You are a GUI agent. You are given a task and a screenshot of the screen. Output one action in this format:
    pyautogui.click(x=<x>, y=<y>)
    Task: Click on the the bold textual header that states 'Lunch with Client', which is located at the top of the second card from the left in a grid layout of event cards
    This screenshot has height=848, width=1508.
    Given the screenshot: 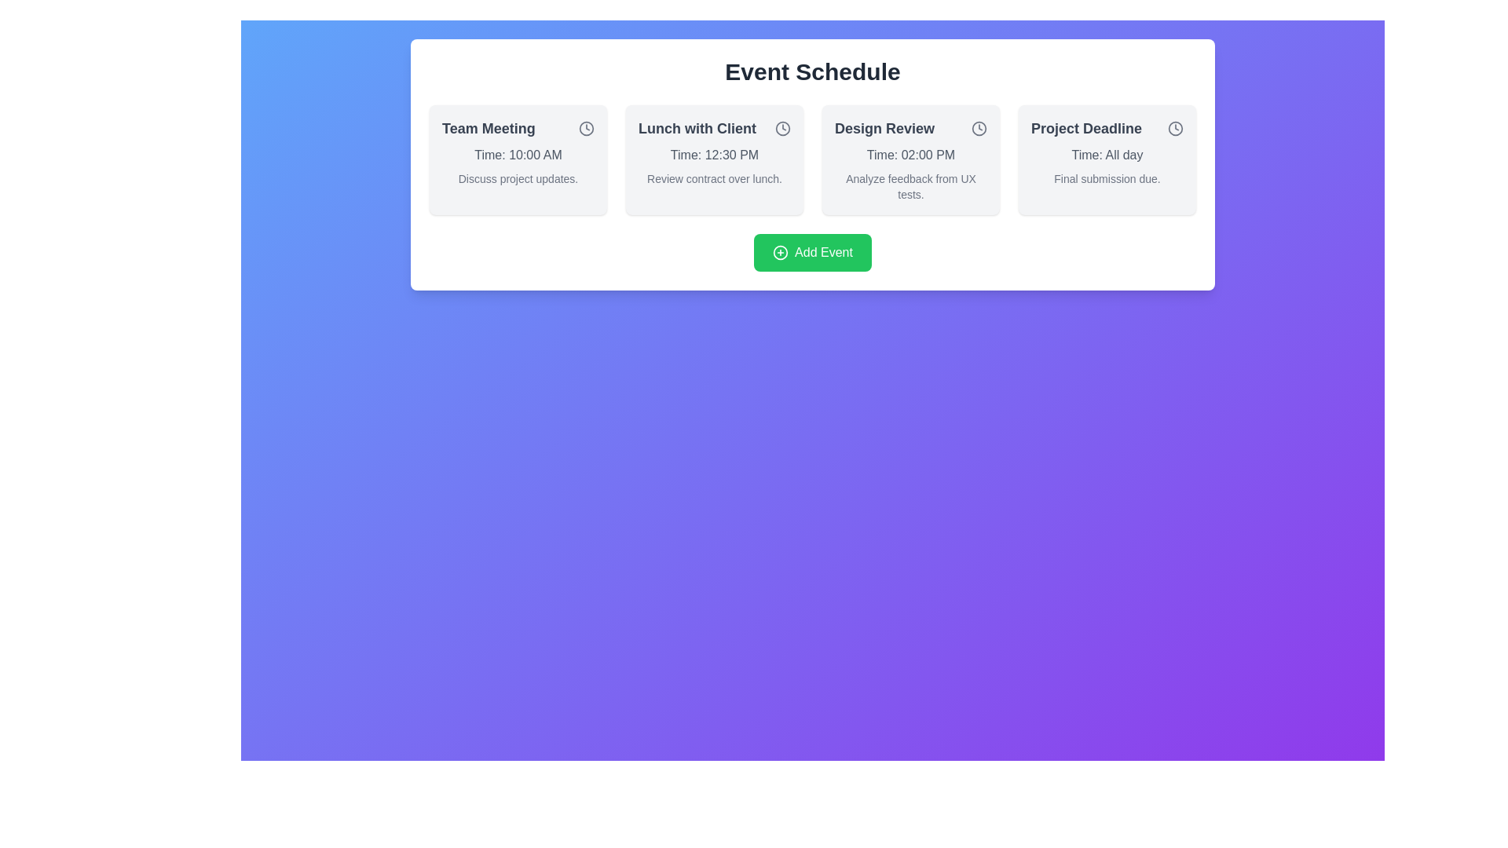 What is the action you would take?
    pyautogui.click(x=697, y=128)
    